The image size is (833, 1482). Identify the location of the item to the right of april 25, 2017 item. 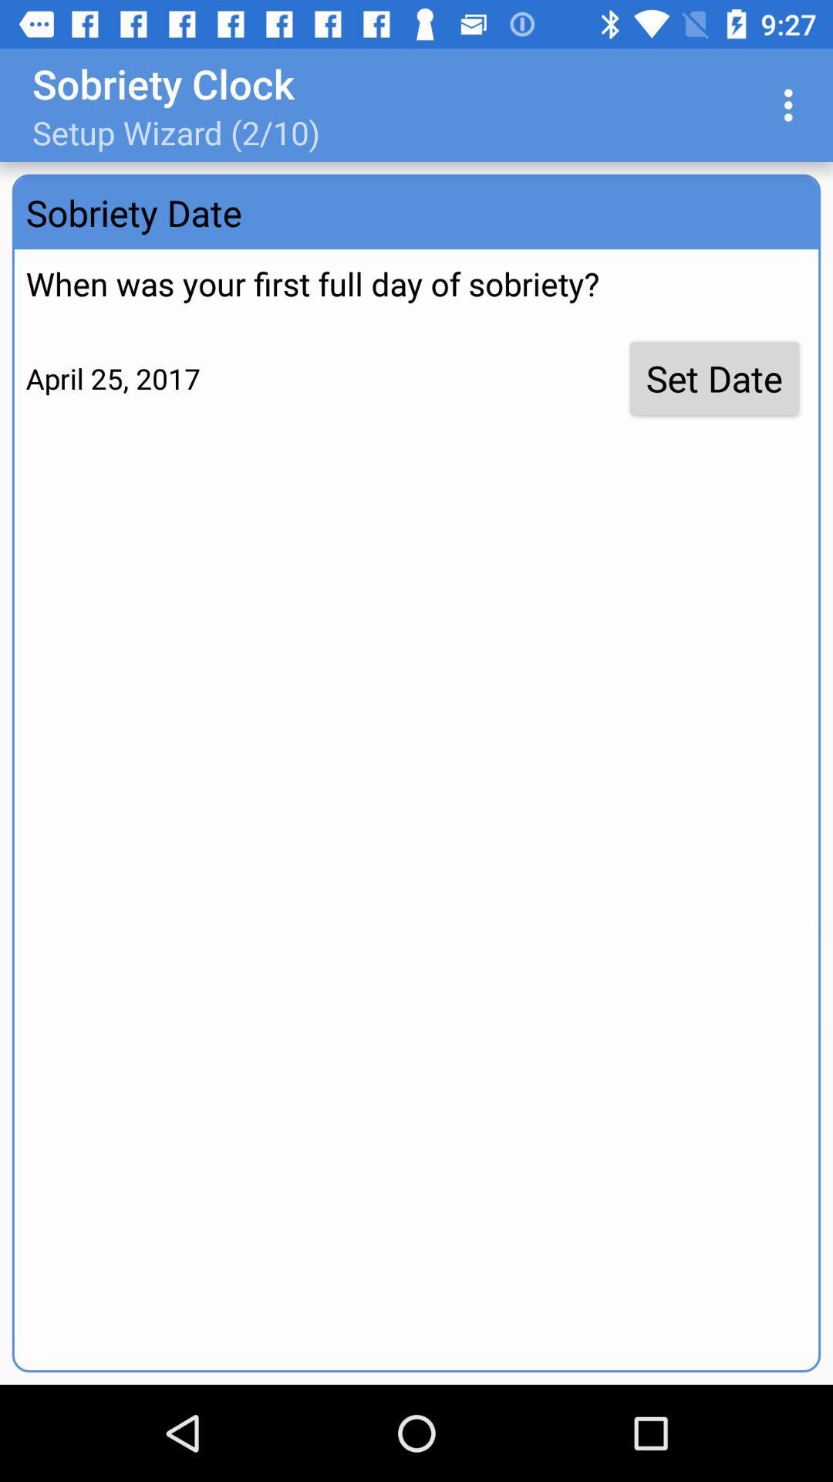
(714, 378).